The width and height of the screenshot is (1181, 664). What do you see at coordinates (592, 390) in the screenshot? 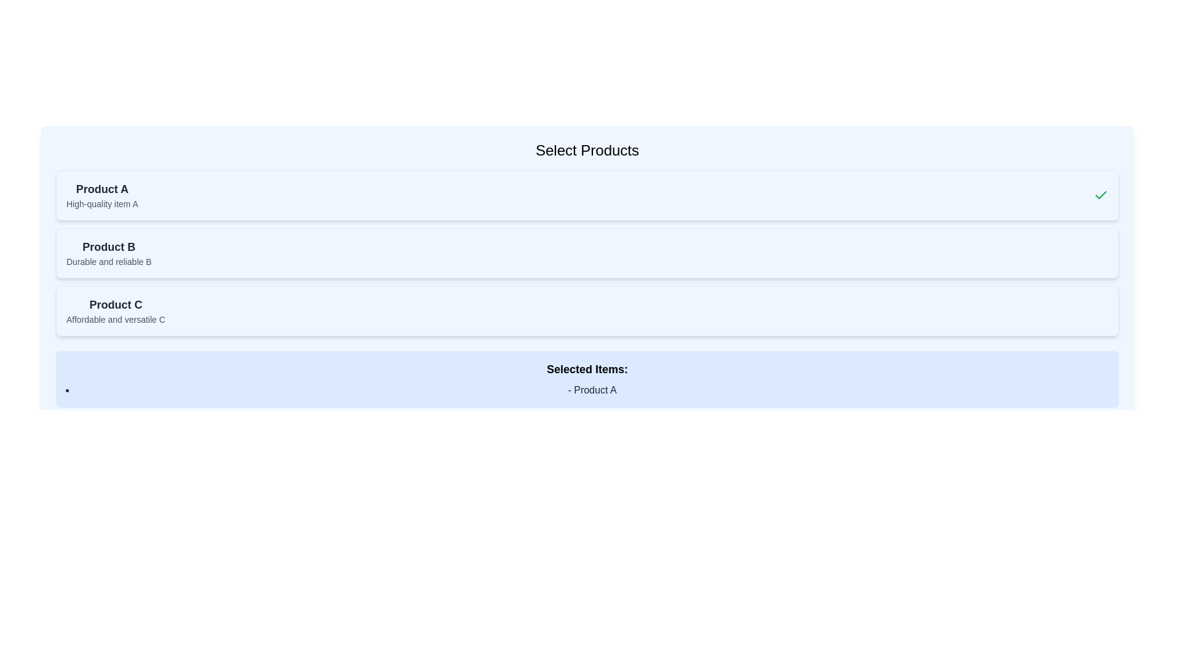
I see `the text element displaying '- Product A' in grayish-black color, which is part of a bulleted list under the section heading 'Selected Items:'` at bounding box center [592, 390].